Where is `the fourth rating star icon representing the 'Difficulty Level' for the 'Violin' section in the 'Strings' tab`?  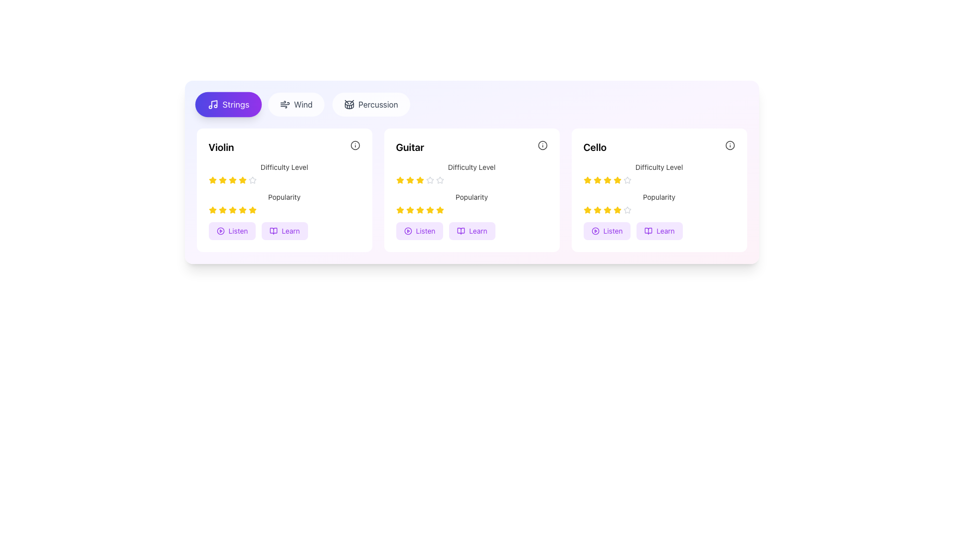
the fourth rating star icon representing the 'Difficulty Level' for the 'Violin' section in the 'Strings' tab is located at coordinates (242, 180).